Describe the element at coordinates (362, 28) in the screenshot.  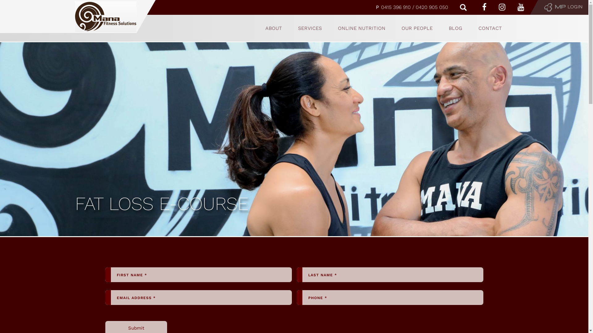
I see `'ONLINE NUTRITION'` at that location.